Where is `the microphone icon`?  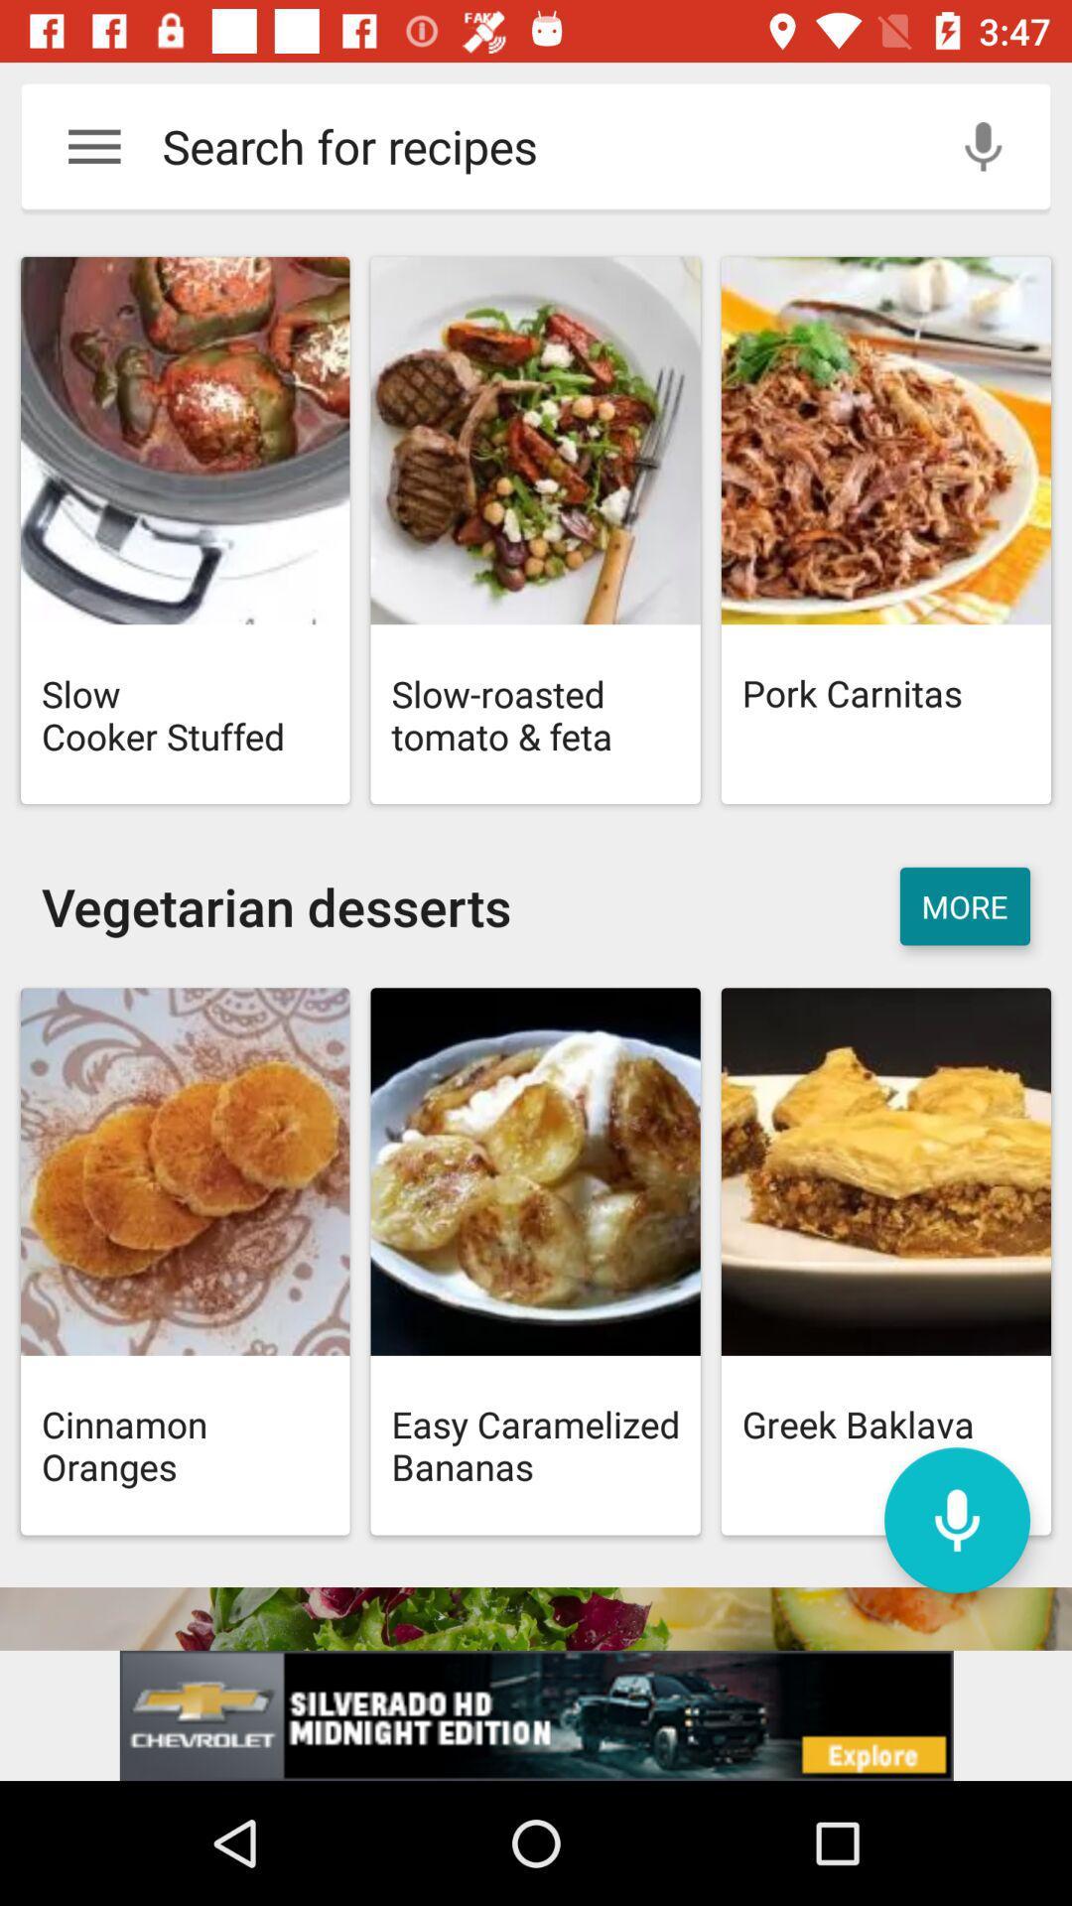 the microphone icon is located at coordinates (983, 145).